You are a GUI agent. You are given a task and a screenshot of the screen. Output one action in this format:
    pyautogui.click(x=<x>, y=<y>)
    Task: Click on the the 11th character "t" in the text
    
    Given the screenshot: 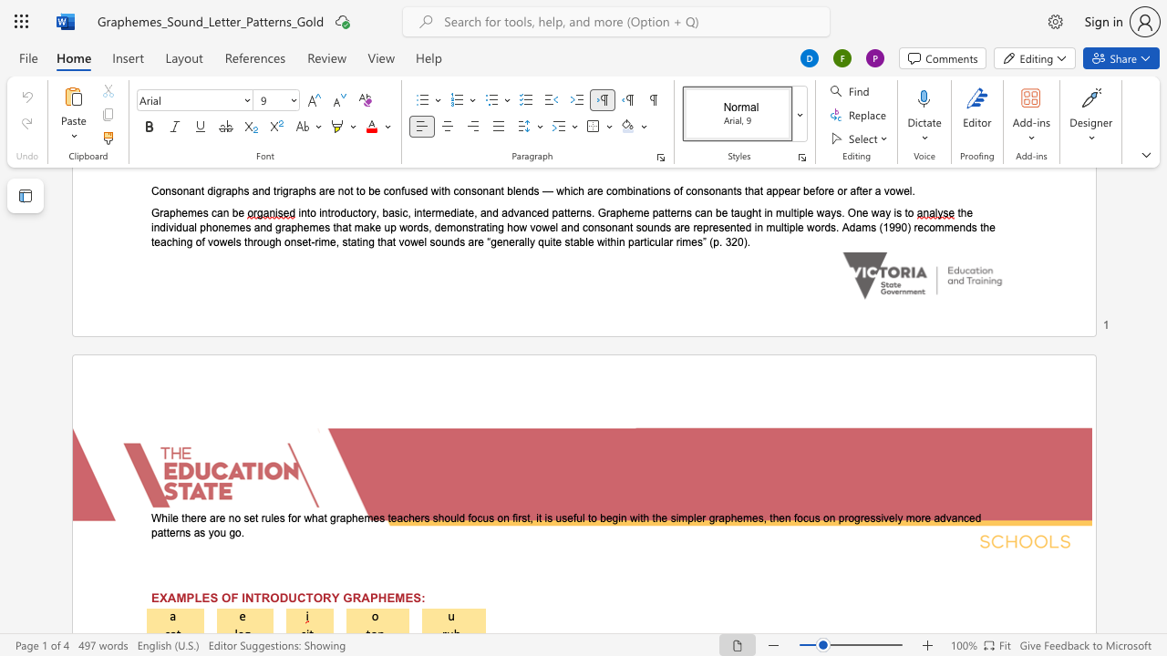 What is the action you would take?
    pyautogui.click(x=164, y=533)
    